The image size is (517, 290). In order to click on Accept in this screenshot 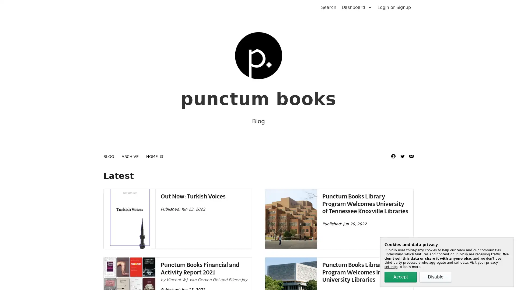, I will do `click(401, 277)`.